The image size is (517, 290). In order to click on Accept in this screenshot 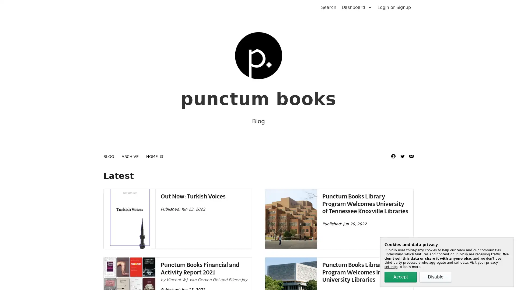, I will do `click(401, 277)`.